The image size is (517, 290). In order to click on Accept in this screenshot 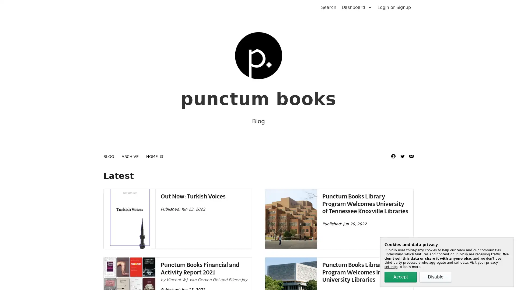, I will do `click(401, 277)`.